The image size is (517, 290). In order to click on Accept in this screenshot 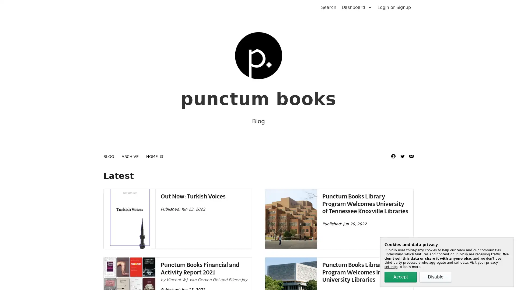, I will do `click(401, 277)`.